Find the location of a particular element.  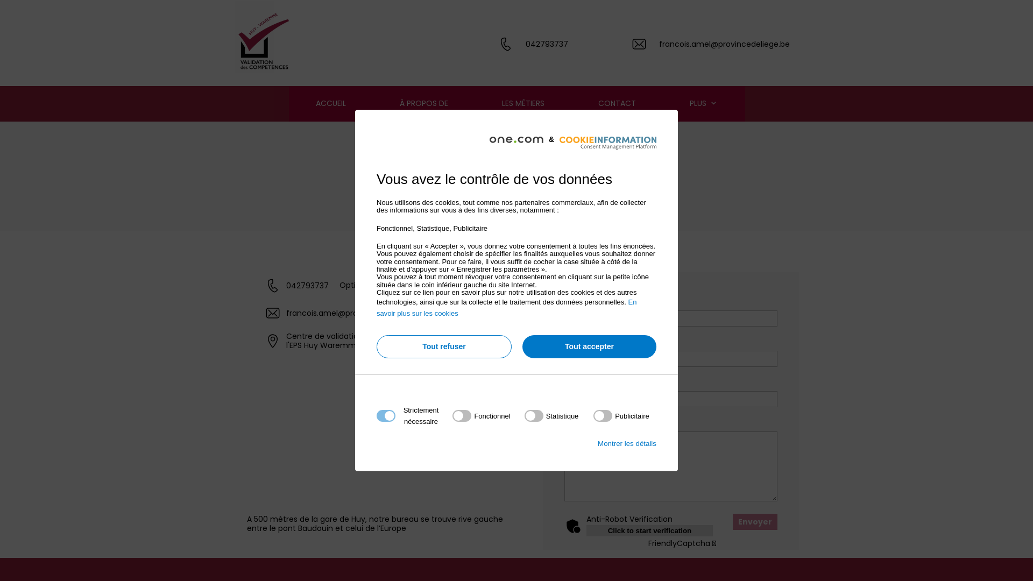

'Envoyer' is located at coordinates (754, 521).